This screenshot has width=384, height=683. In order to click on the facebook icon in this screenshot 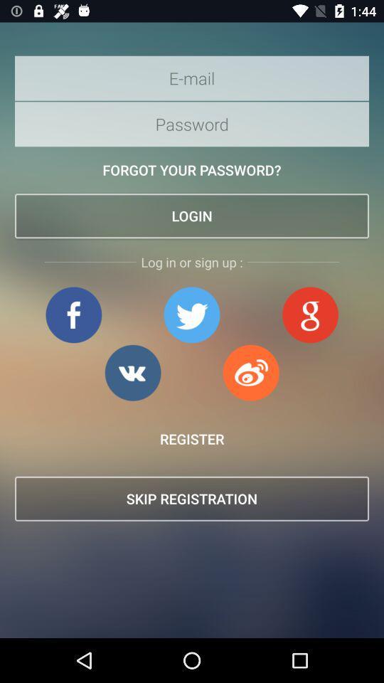, I will do `click(73, 314)`.